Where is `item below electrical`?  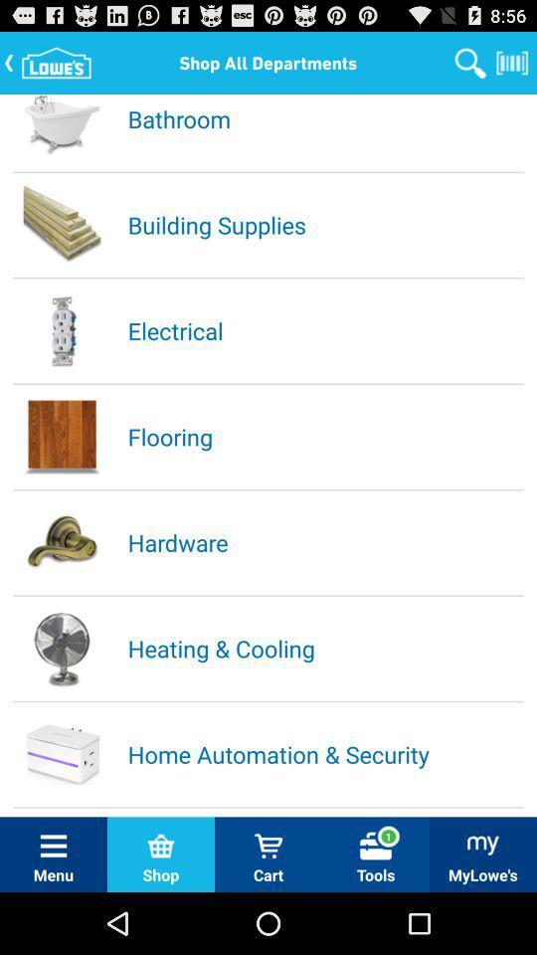 item below electrical is located at coordinates (324, 436).